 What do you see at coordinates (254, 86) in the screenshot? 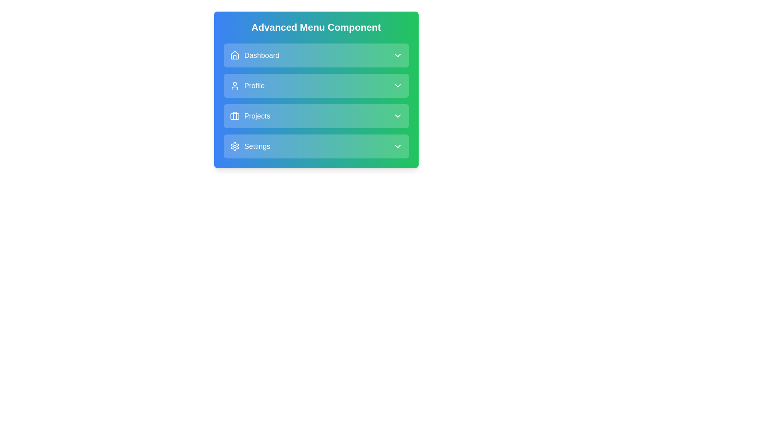
I see `the 'Profile' text label in the menu` at bounding box center [254, 86].